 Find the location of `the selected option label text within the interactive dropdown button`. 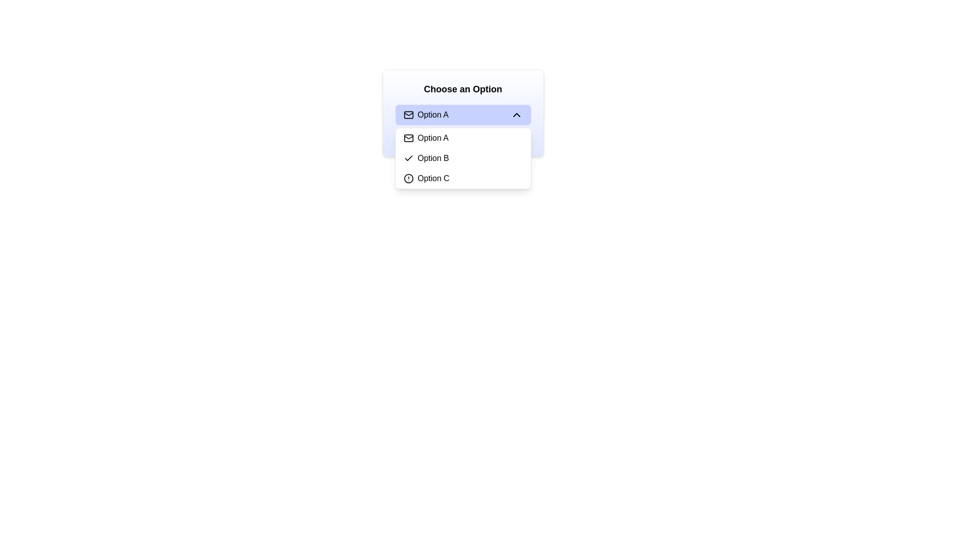

the selected option label text within the interactive dropdown button is located at coordinates (426, 114).